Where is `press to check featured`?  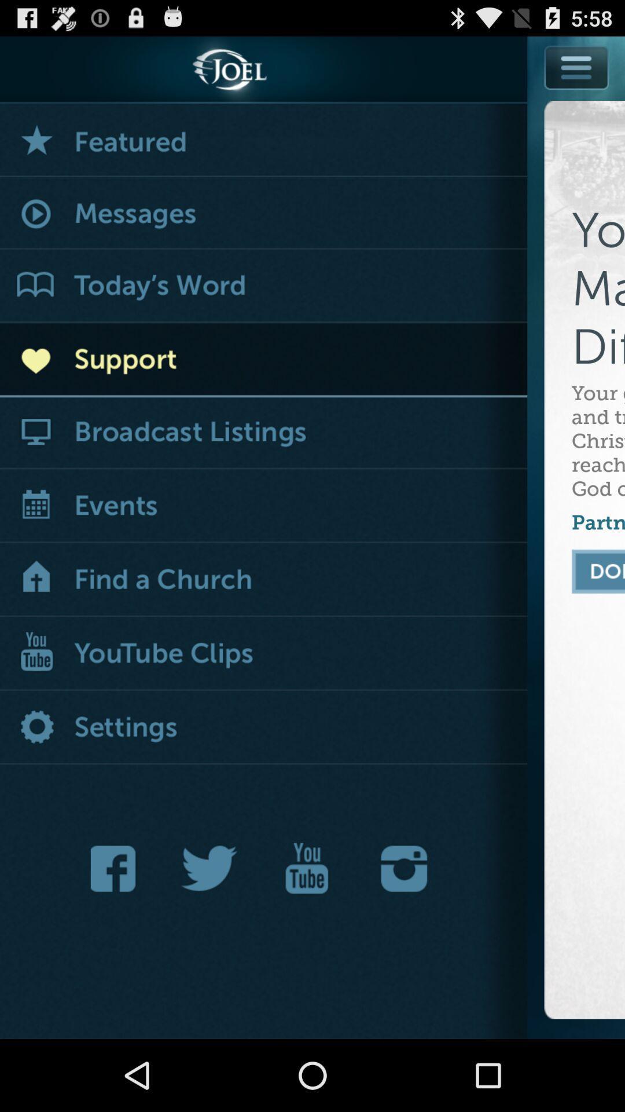 press to check featured is located at coordinates (263, 140).